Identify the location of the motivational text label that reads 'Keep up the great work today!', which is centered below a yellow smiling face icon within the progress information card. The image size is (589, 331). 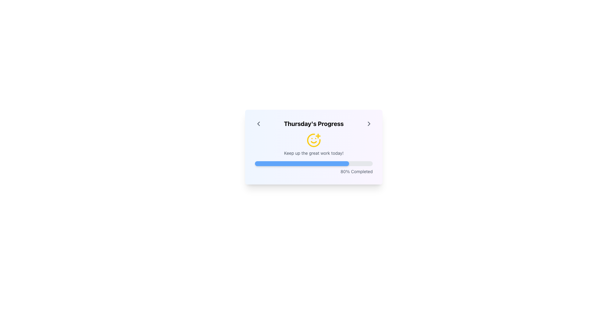
(314, 144).